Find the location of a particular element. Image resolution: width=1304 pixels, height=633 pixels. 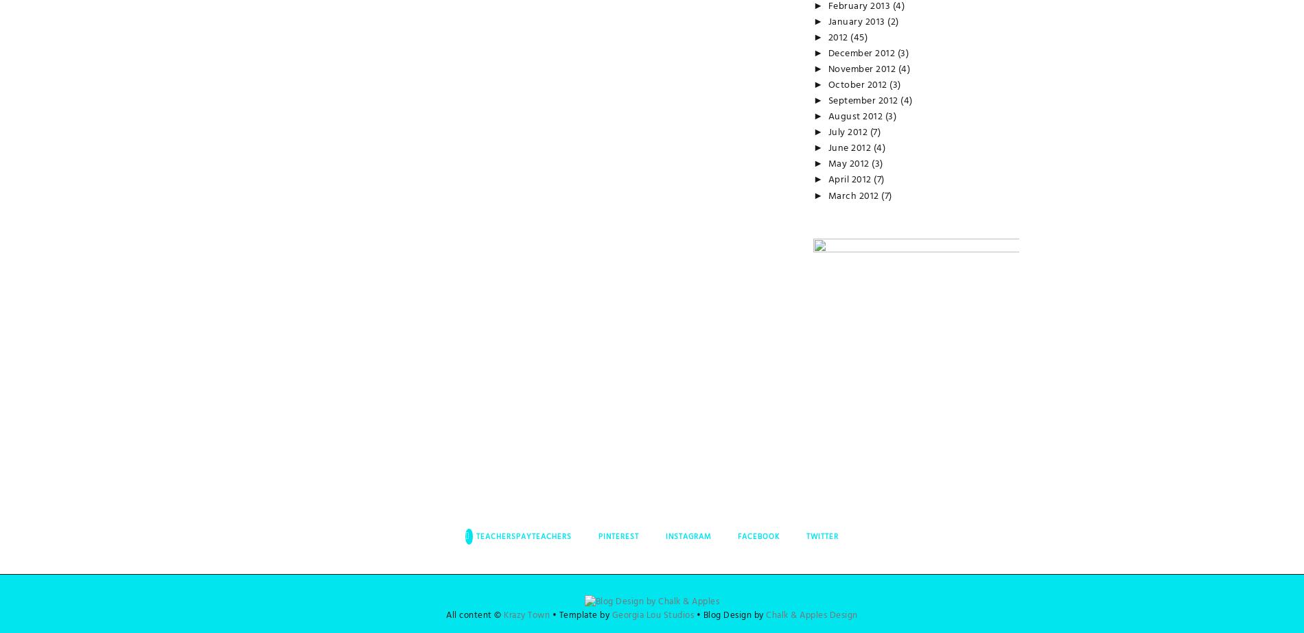

'Georgia Lou Studios' is located at coordinates (652, 614).